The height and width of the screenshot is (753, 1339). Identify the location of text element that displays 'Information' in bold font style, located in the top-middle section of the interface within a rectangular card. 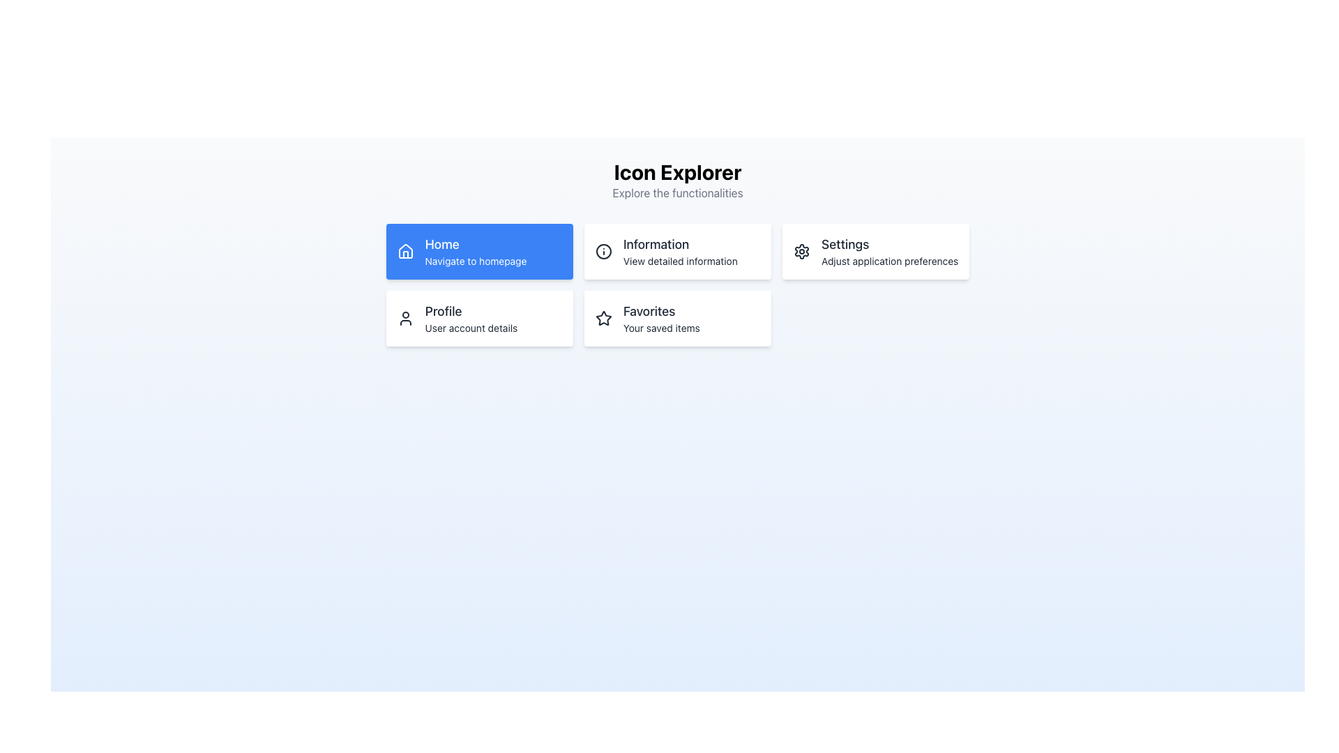
(680, 244).